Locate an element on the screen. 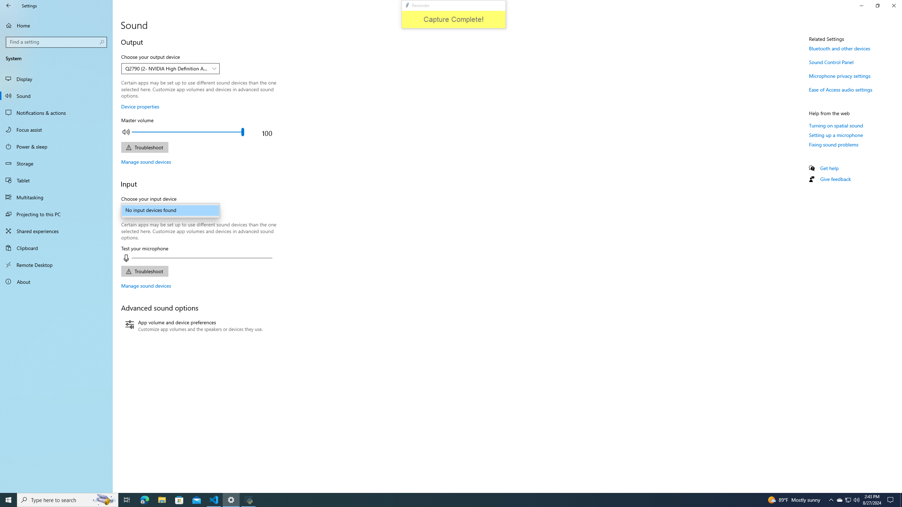 The height and width of the screenshot is (507, 902). 'Sound' is located at coordinates (56, 95).